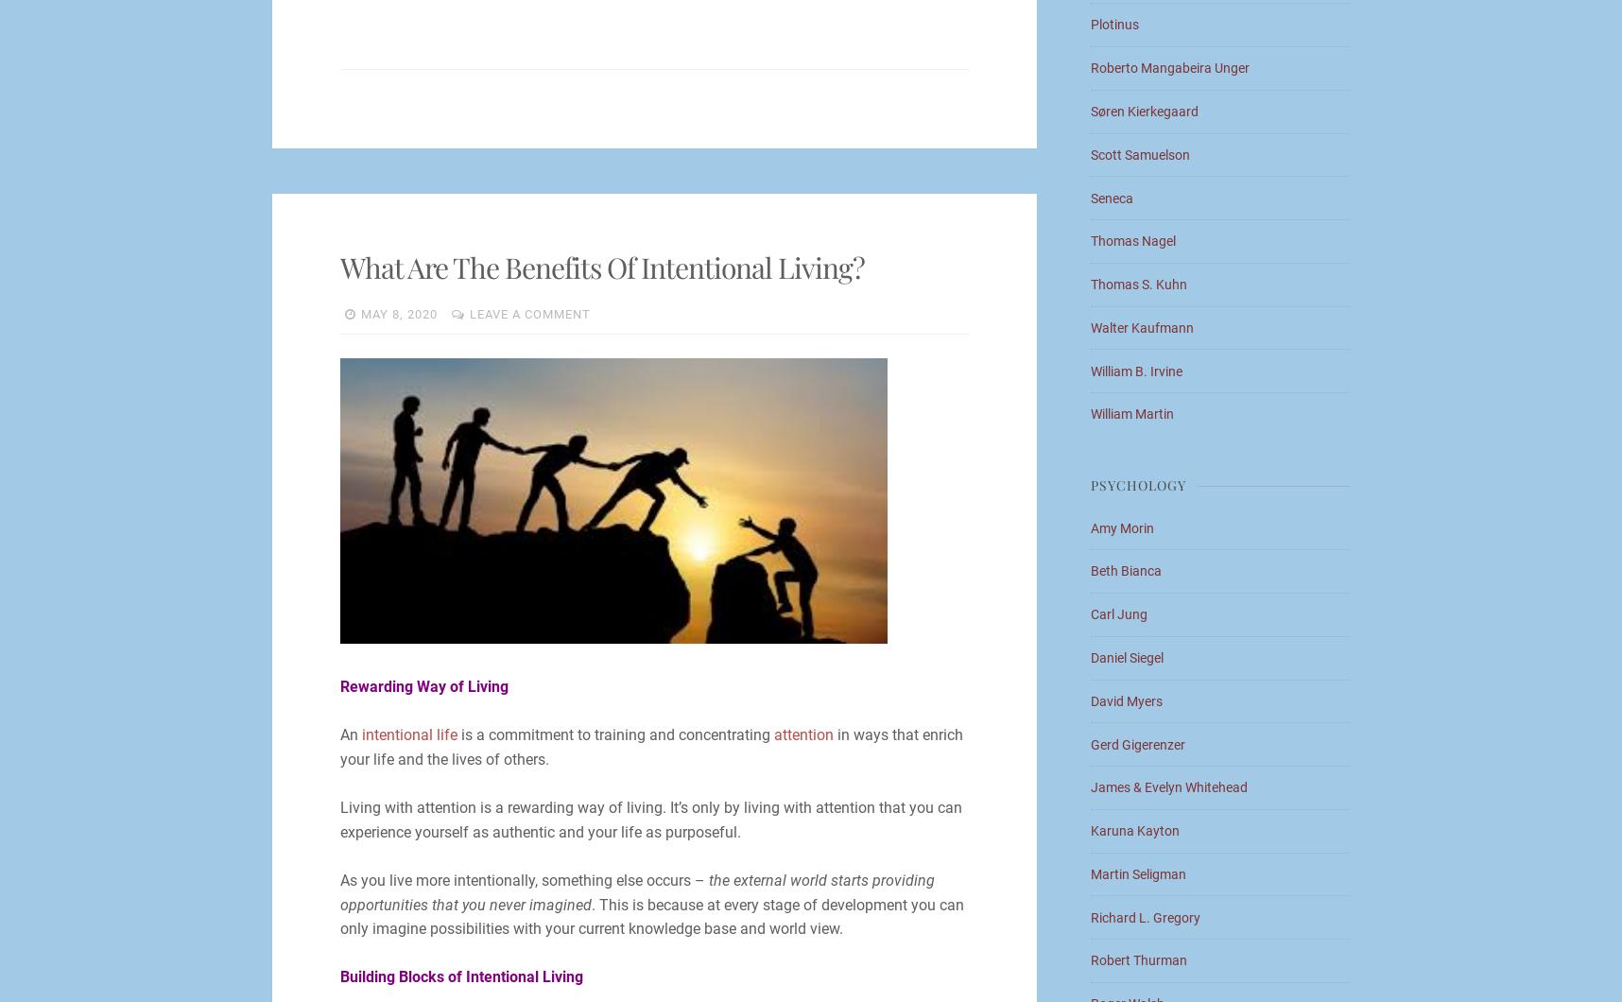 Image resolution: width=1622 pixels, height=1002 pixels. What do you see at coordinates (1127, 656) in the screenshot?
I see `'Daniel Siegel'` at bounding box center [1127, 656].